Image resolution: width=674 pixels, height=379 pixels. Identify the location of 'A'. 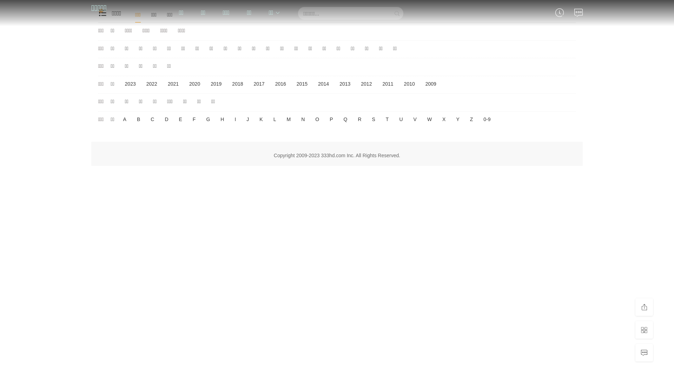
(125, 119).